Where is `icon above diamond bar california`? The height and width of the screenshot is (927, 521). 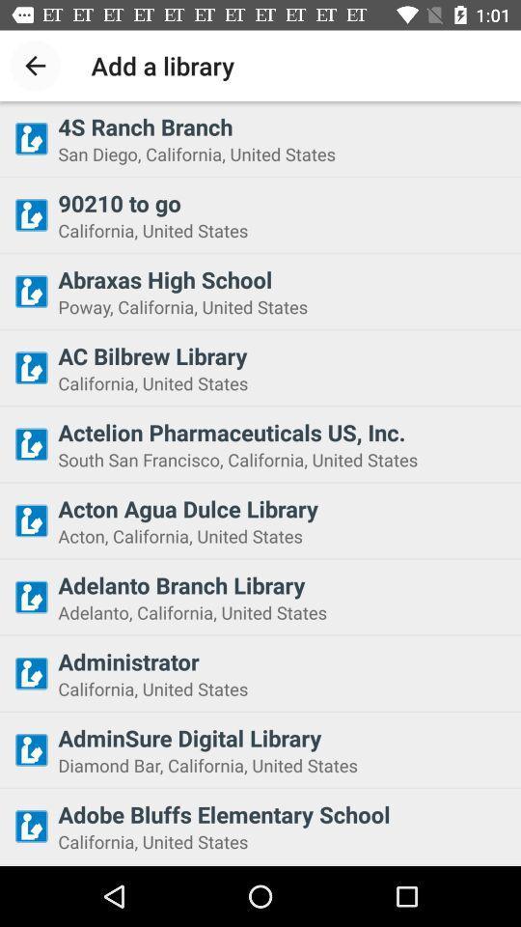
icon above diamond bar california is located at coordinates (283, 737).